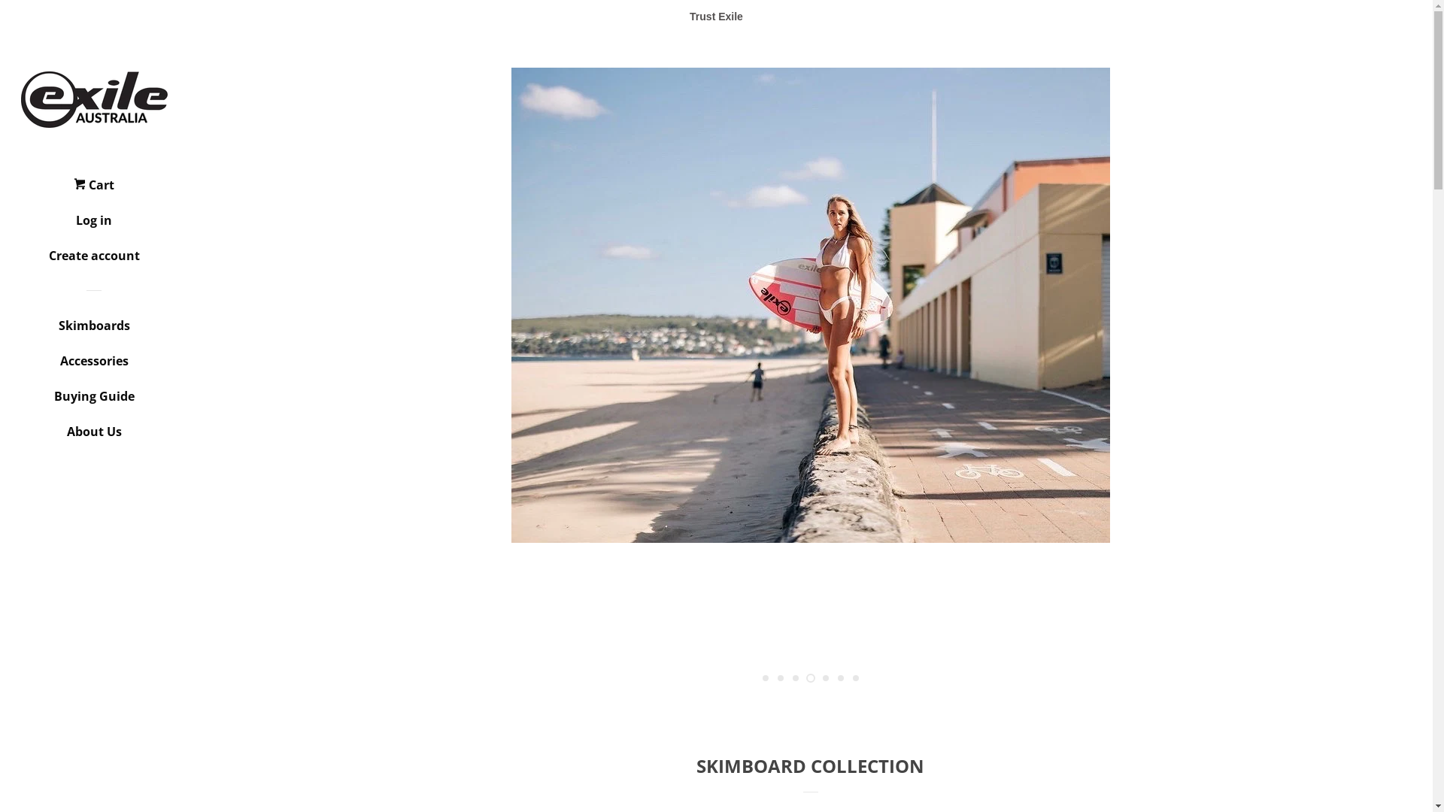  What do you see at coordinates (93, 260) in the screenshot?
I see `'Create account'` at bounding box center [93, 260].